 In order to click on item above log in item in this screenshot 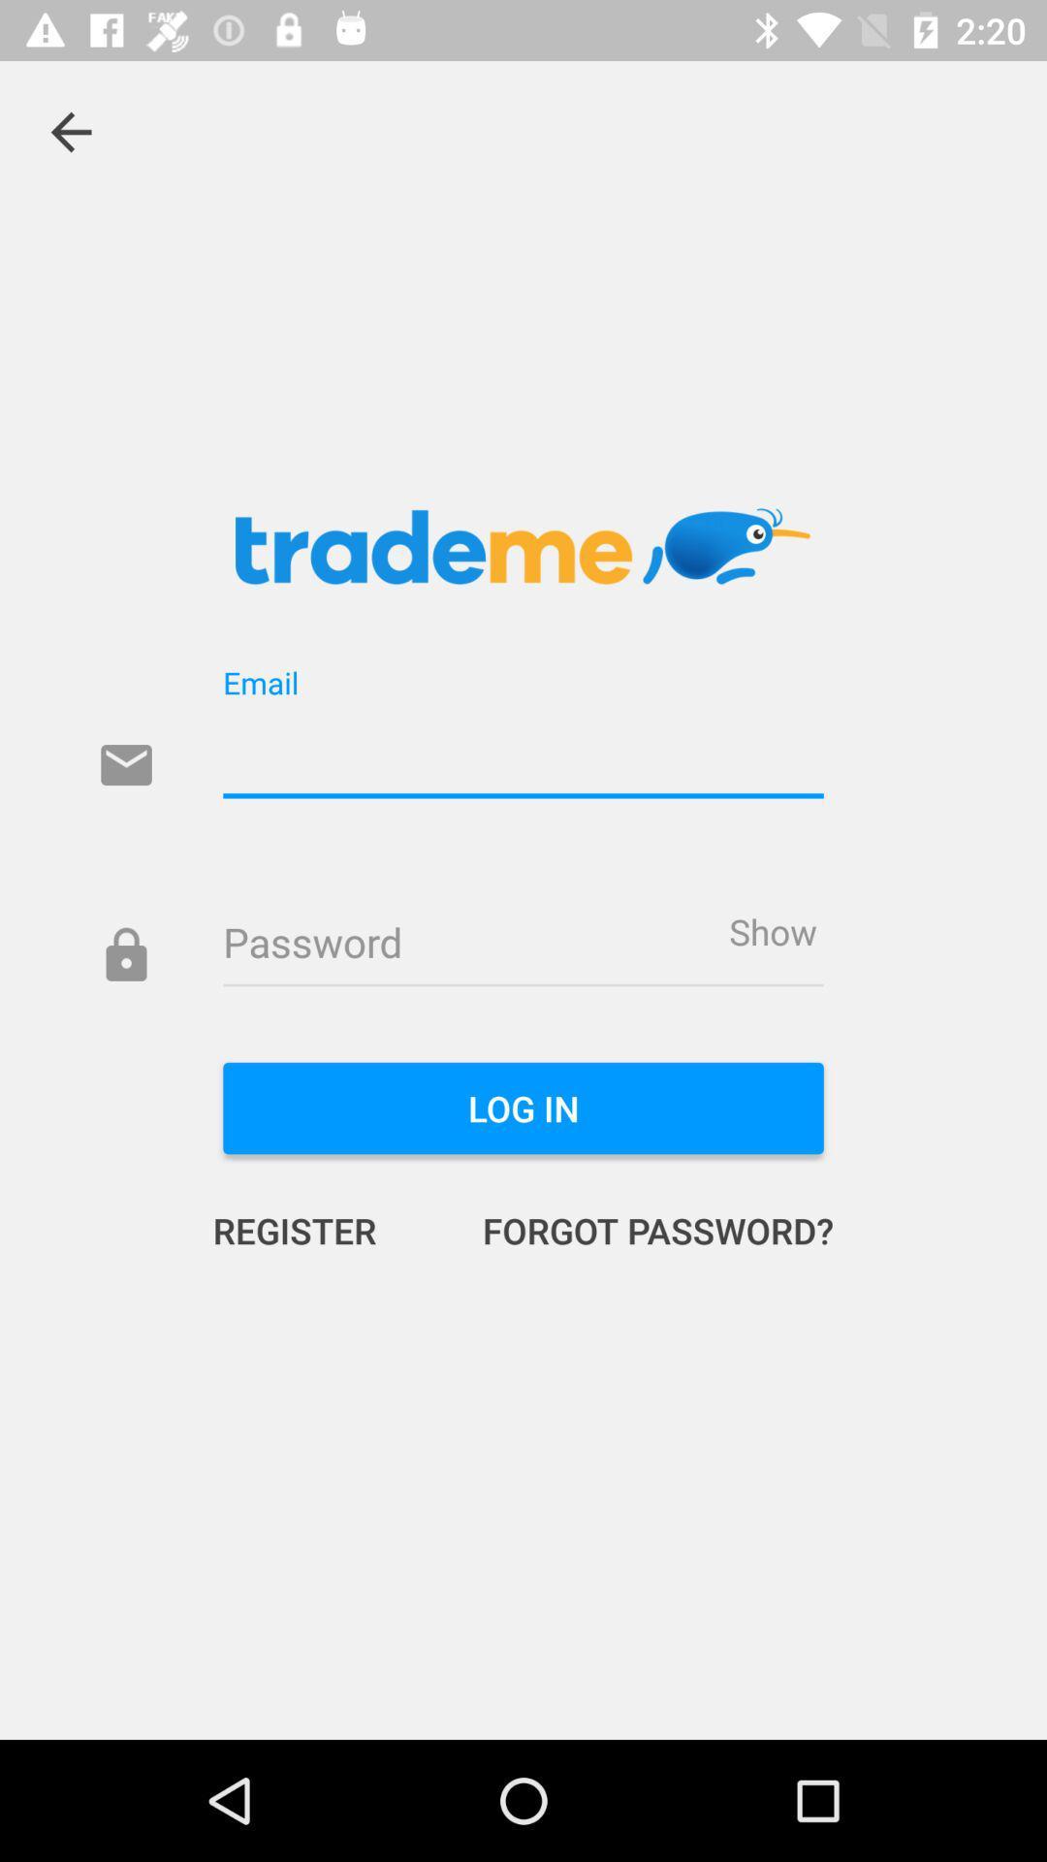, I will do `click(772, 931)`.